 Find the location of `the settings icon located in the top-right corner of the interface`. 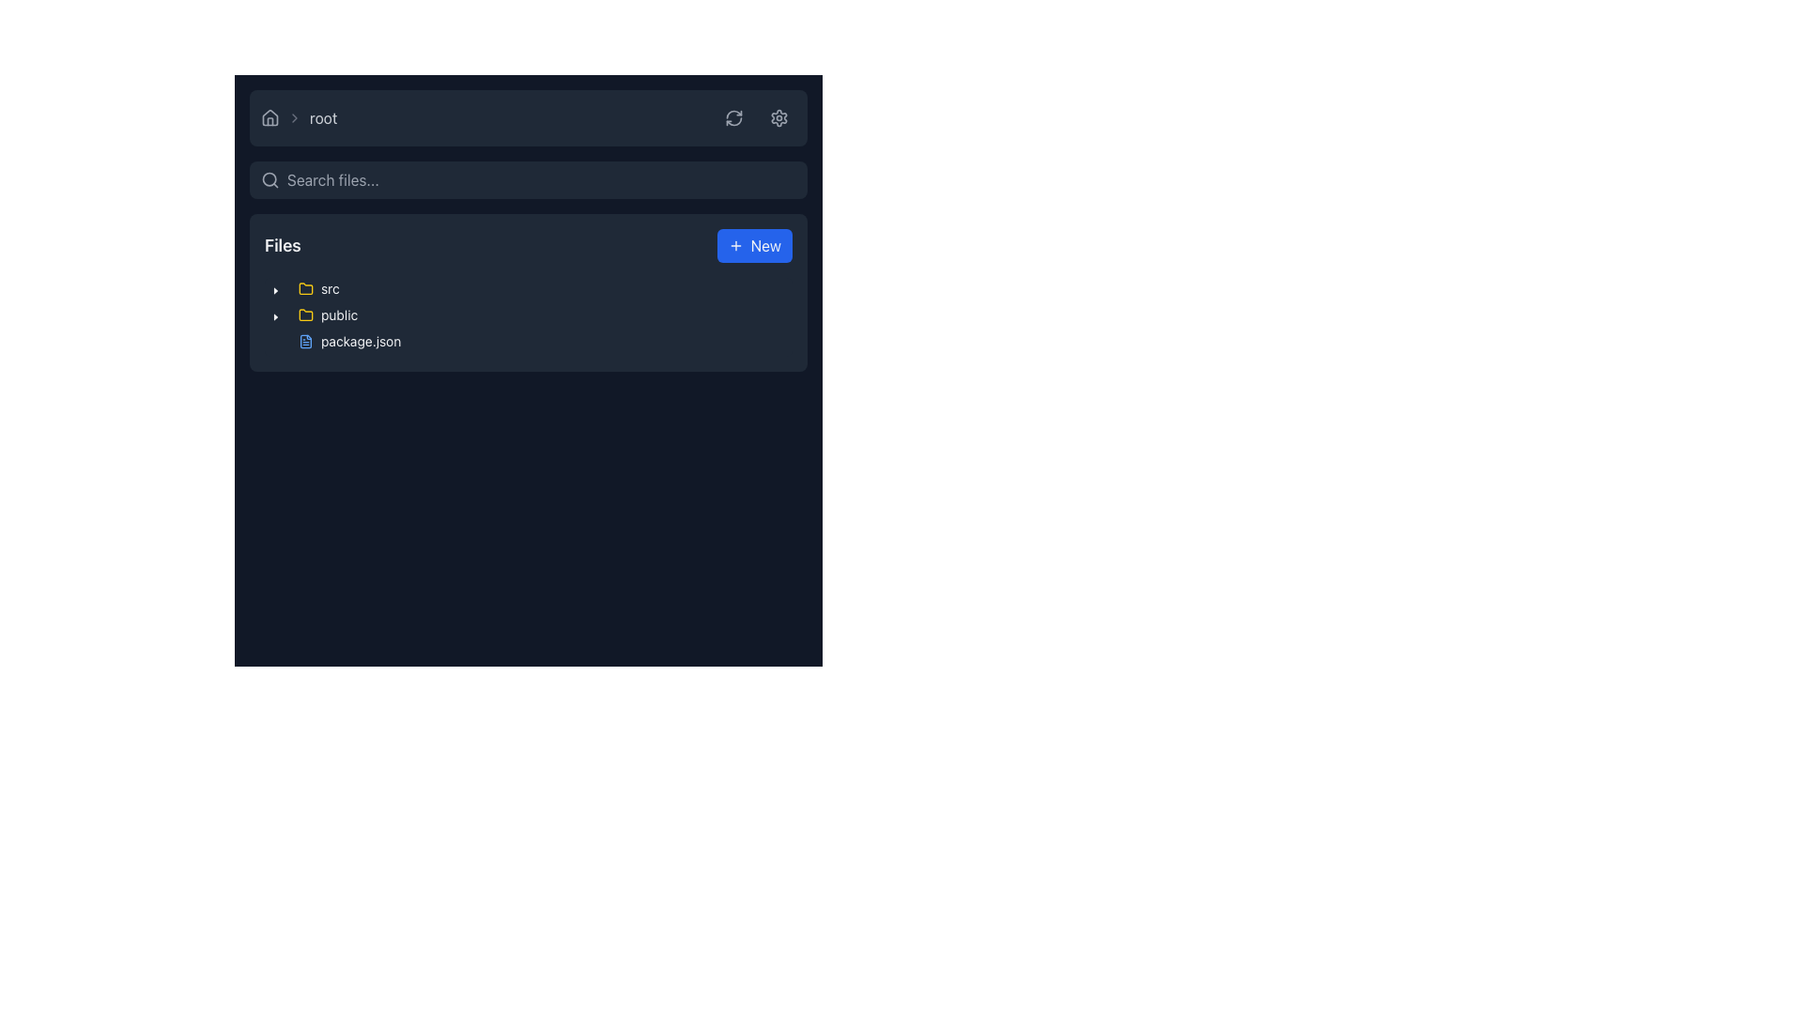

the settings icon located in the top-right corner of the interface is located at coordinates (779, 116).